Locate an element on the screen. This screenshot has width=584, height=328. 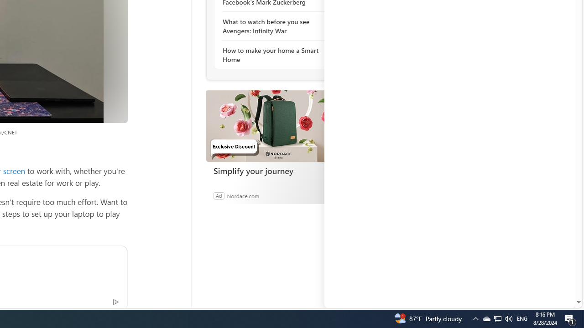
'How to make your home a Smart Home' is located at coordinates (271, 55).